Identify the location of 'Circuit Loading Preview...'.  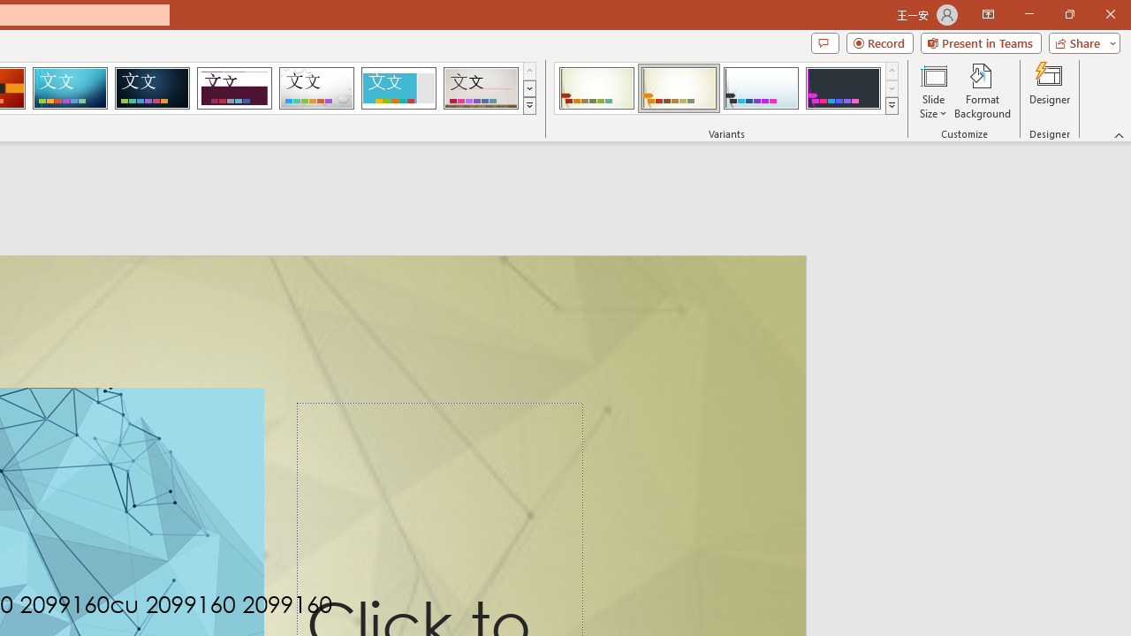
(70, 88).